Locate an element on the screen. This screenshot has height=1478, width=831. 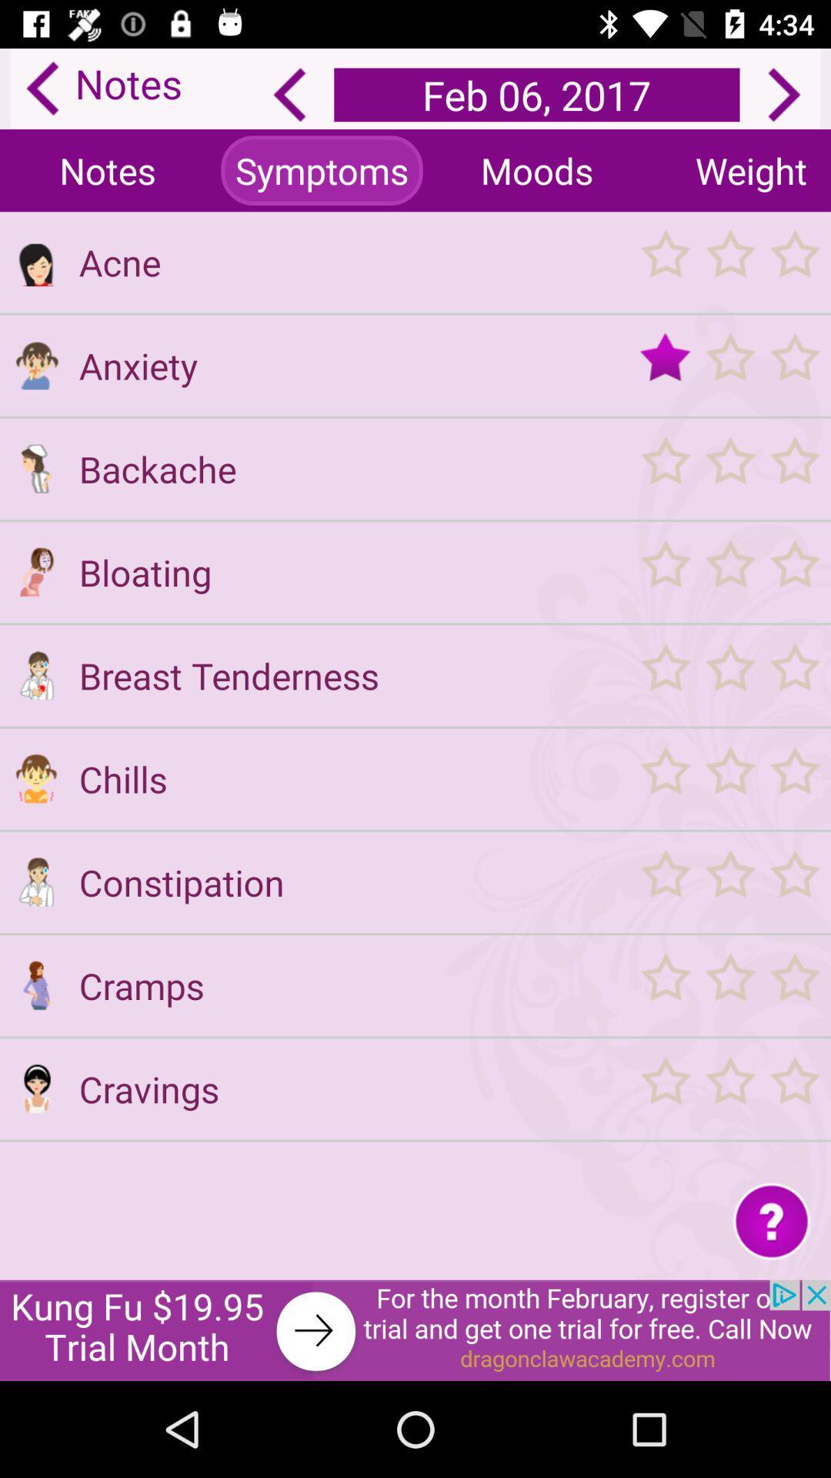
my period tracker calendar is located at coordinates (729, 468).